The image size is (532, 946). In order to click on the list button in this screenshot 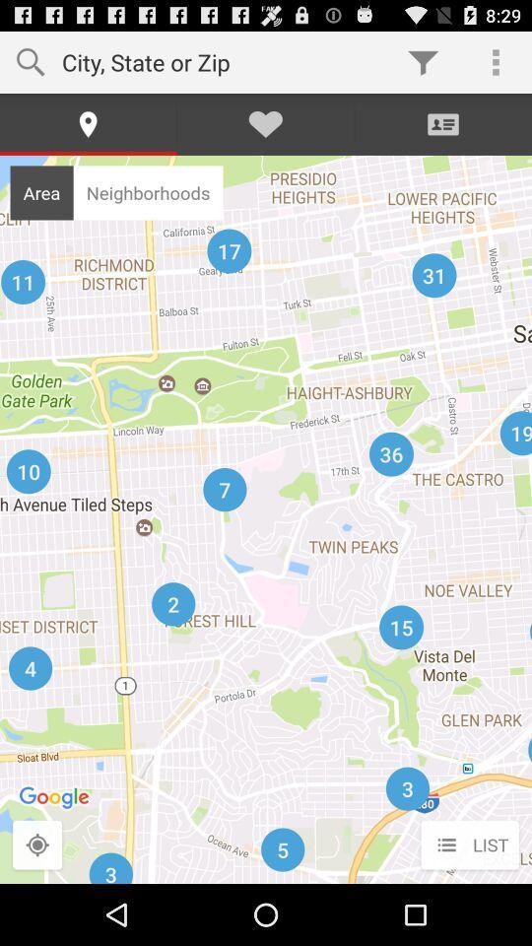, I will do `click(469, 845)`.